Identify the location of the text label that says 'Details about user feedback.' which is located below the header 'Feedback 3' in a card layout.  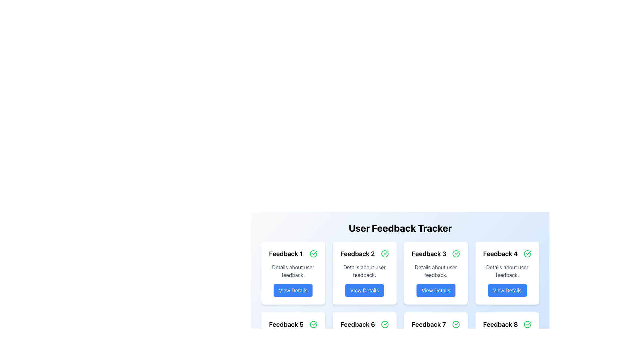
(436, 271).